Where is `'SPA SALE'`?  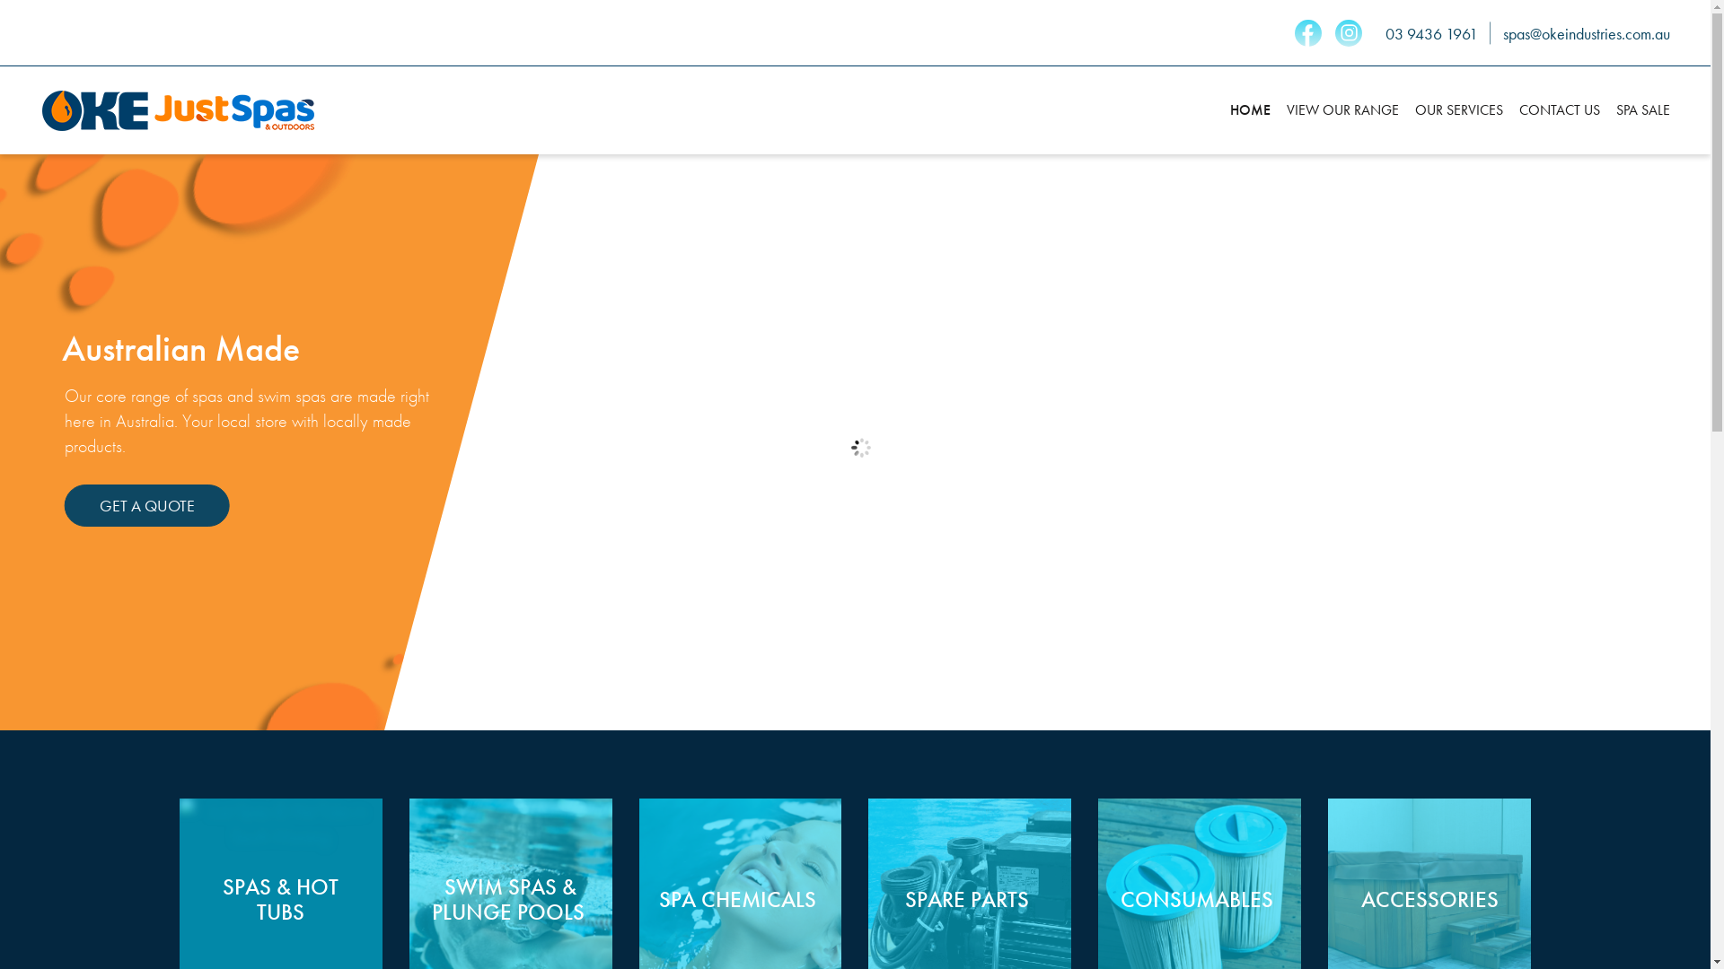
'SPA SALE' is located at coordinates (1639, 110).